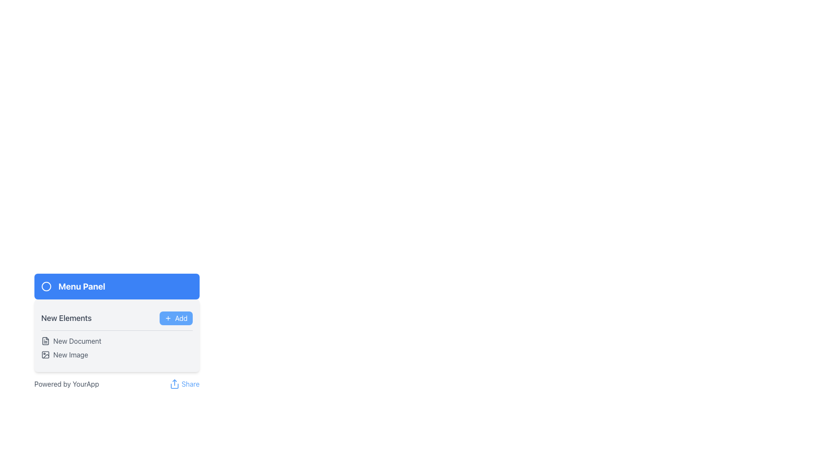 The image size is (826, 464). Describe the element at coordinates (46, 287) in the screenshot. I see `the decorative or interactive indicator icon located to the far-left of the header section labeled 'Menu Panel'` at that location.